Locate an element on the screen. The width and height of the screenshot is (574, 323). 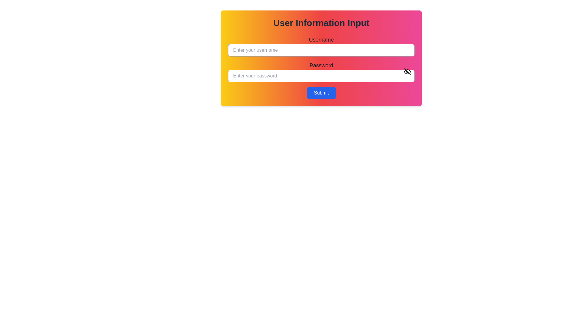
the password visibility toggle button located at the rightmost side of the 'Password' input field is located at coordinates (407, 71).